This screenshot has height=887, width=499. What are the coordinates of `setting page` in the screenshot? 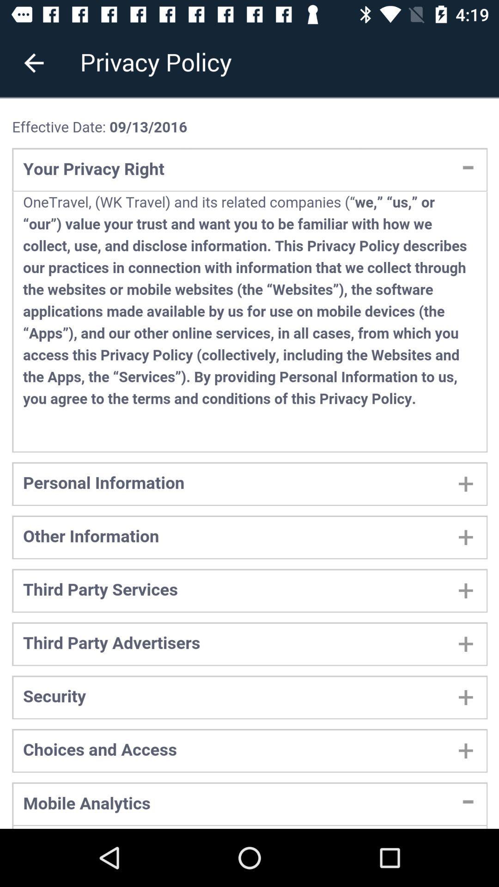 It's located at (249, 463).